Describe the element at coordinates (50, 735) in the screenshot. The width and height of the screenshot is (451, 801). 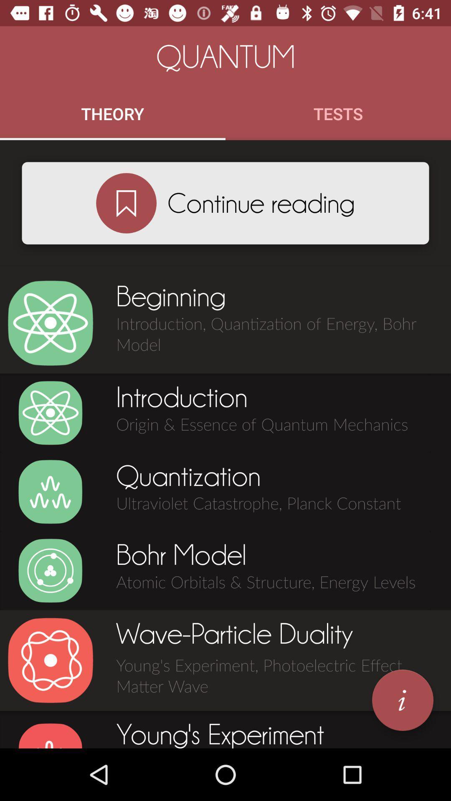
I see `the young 's experiment` at that location.